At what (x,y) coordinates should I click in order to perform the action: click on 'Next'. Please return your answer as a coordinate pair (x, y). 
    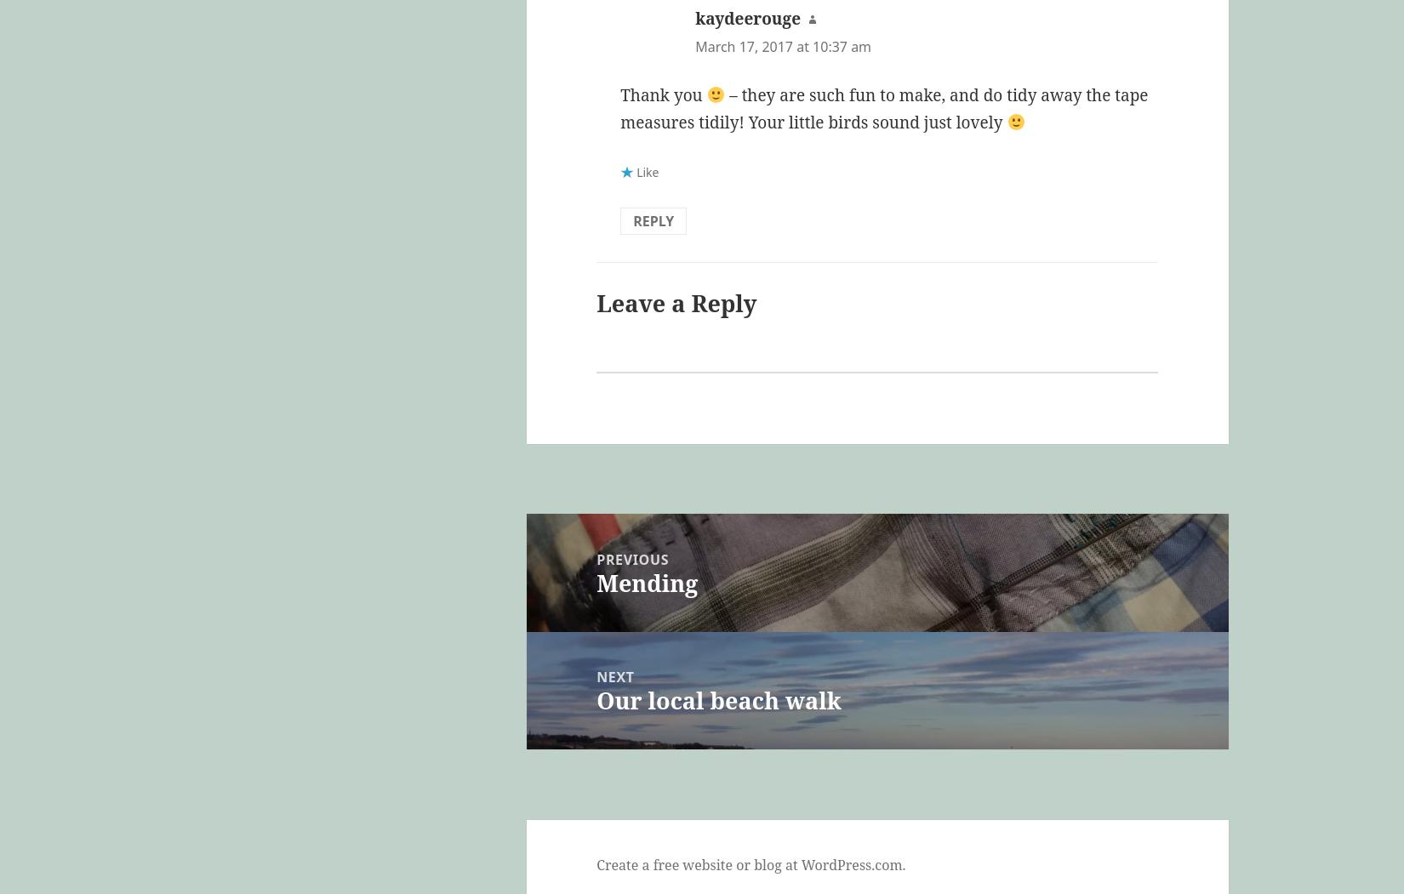
    Looking at the image, I should click on (614, 676).